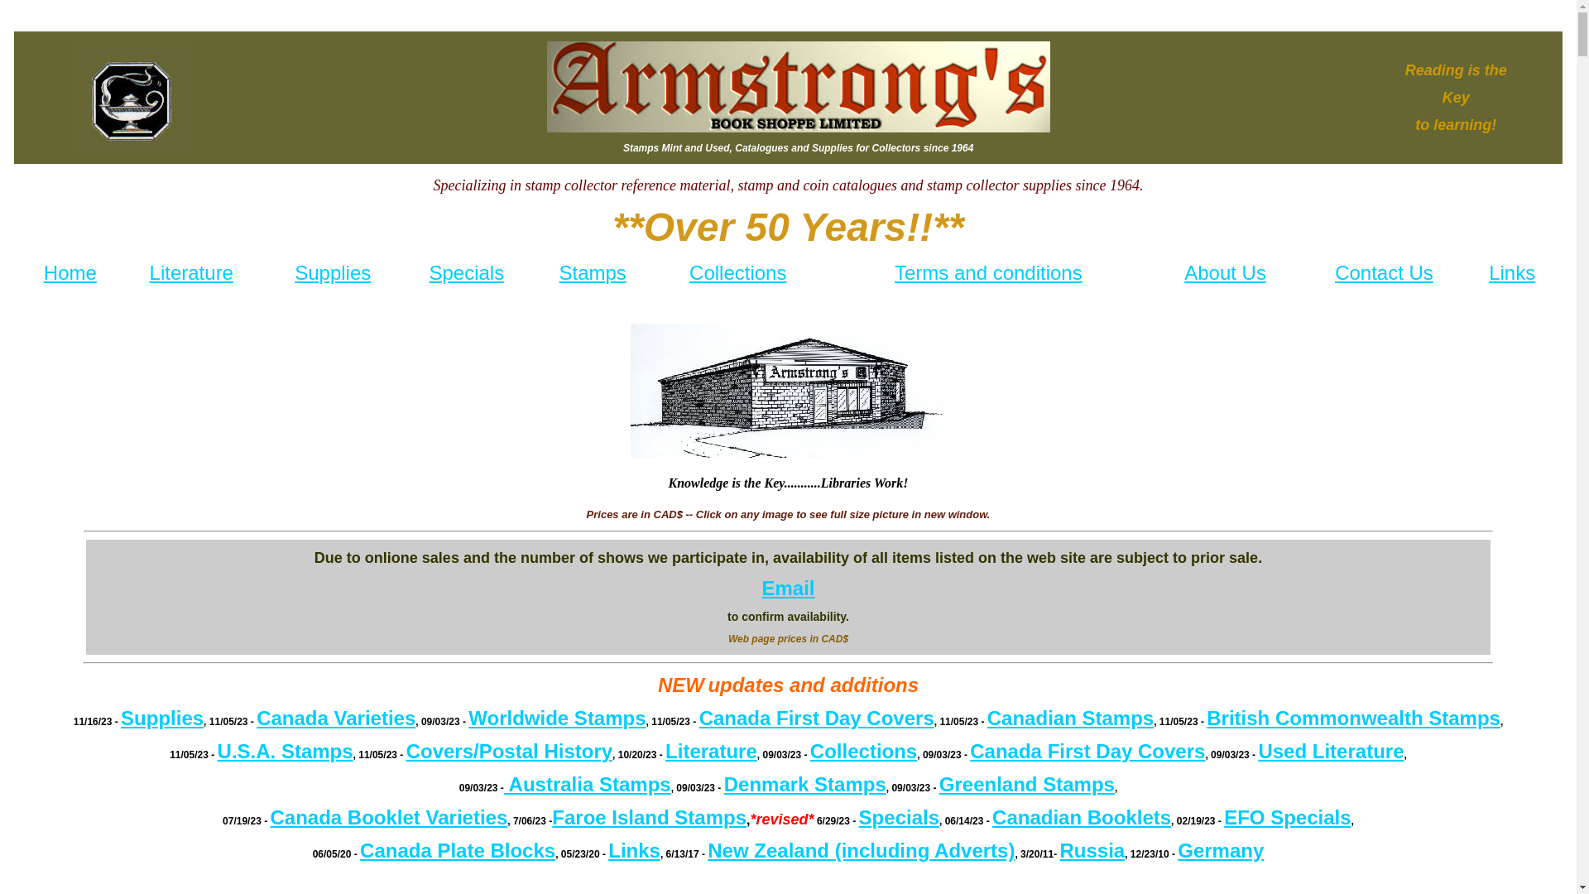 This screenshot has width=1589, height=894. I want to click on 'Terms and conditions', so click(988, 272).